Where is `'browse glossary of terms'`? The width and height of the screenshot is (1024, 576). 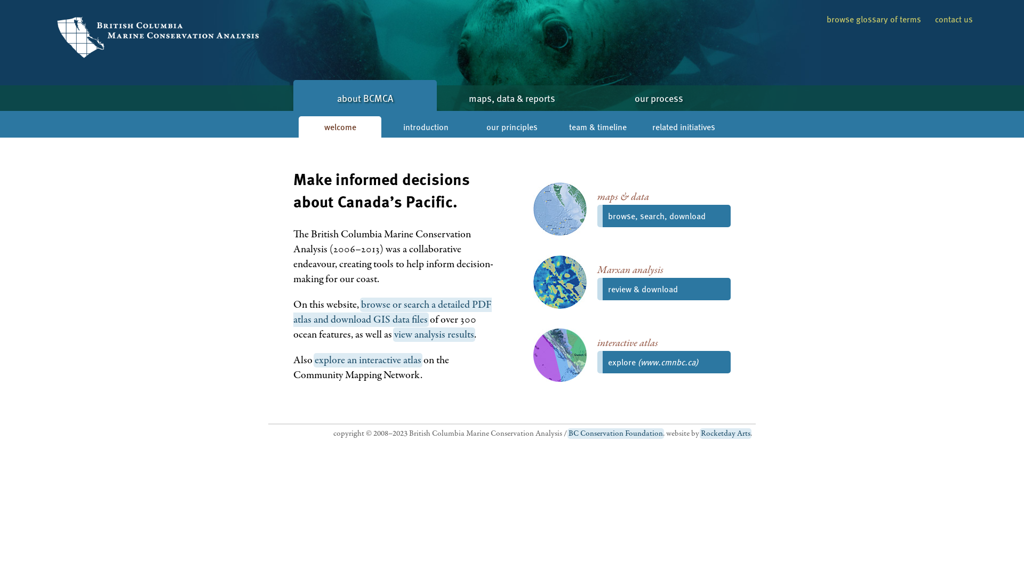 'browse glossary of terms' is located at coordinates (874, 19).